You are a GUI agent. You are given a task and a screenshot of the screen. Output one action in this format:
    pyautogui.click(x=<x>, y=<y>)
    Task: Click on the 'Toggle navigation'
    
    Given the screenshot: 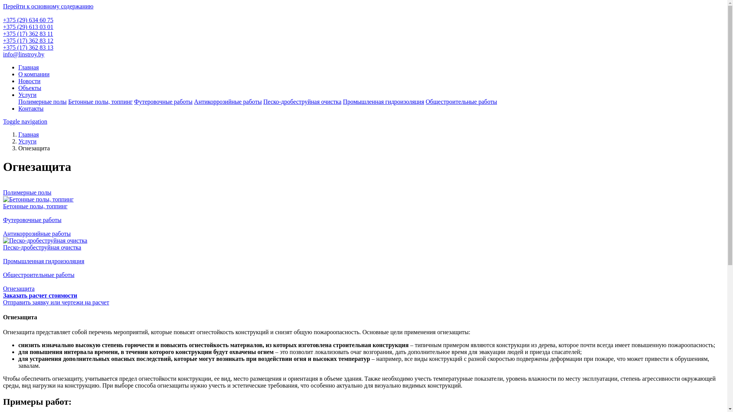 What is the action you would take?
    pyautogui.click(x=25, y=121)
    